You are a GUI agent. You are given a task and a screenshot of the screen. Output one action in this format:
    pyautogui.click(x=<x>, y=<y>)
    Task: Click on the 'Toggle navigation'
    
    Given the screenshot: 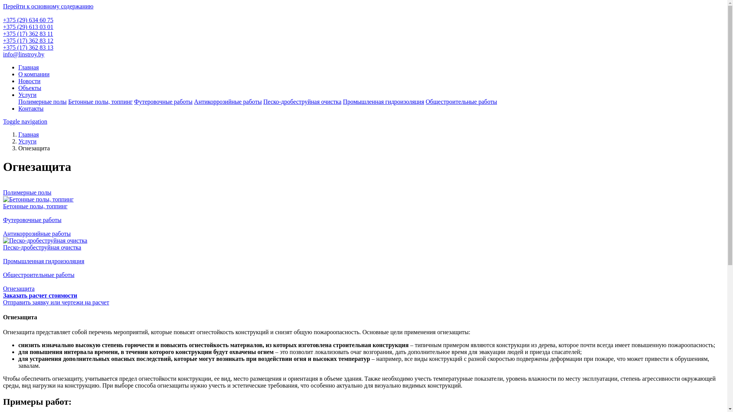 What is the action you would take?
    pyautogui.click(x=25, y=121)
    